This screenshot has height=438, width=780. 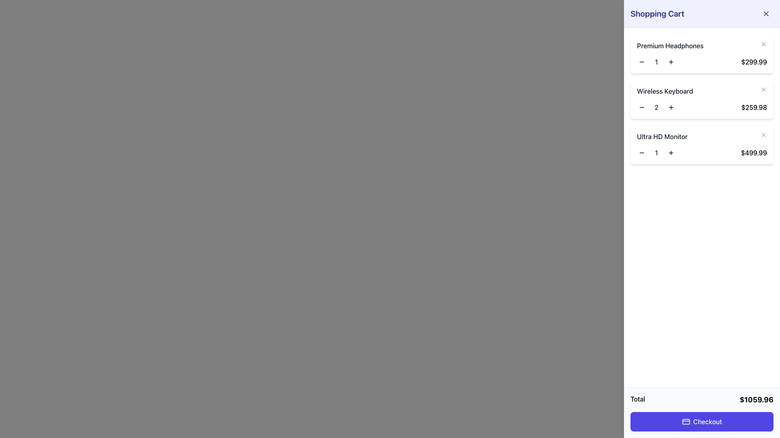 What do you see at coordinates (754, 62) in the screenshot?
I see `the price label displaying the 'Premium Headphones' in the shopping cart, located at the top-right corner of the first product row` at bounding box center [754, 62].